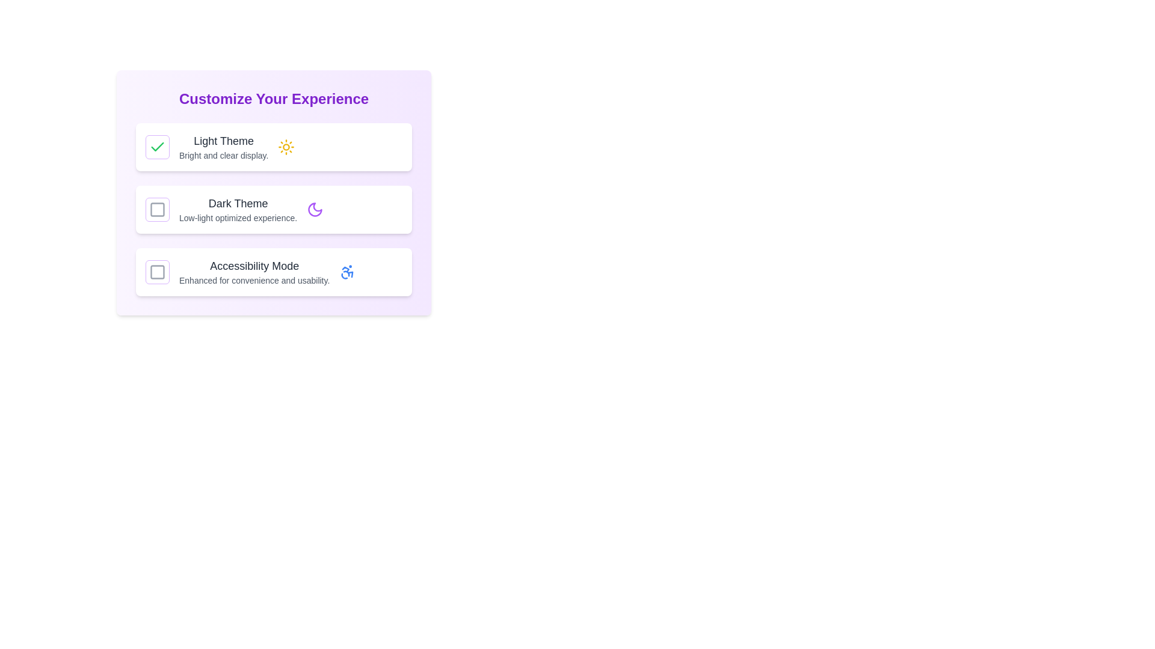 The image size is (1155, 649). I want to click on the SVG graphic component featuring a checkmark design, which is styled with a green stroke and is located to the left of the 'Light Theme' label in the selectable themes list, so click(157, 146).